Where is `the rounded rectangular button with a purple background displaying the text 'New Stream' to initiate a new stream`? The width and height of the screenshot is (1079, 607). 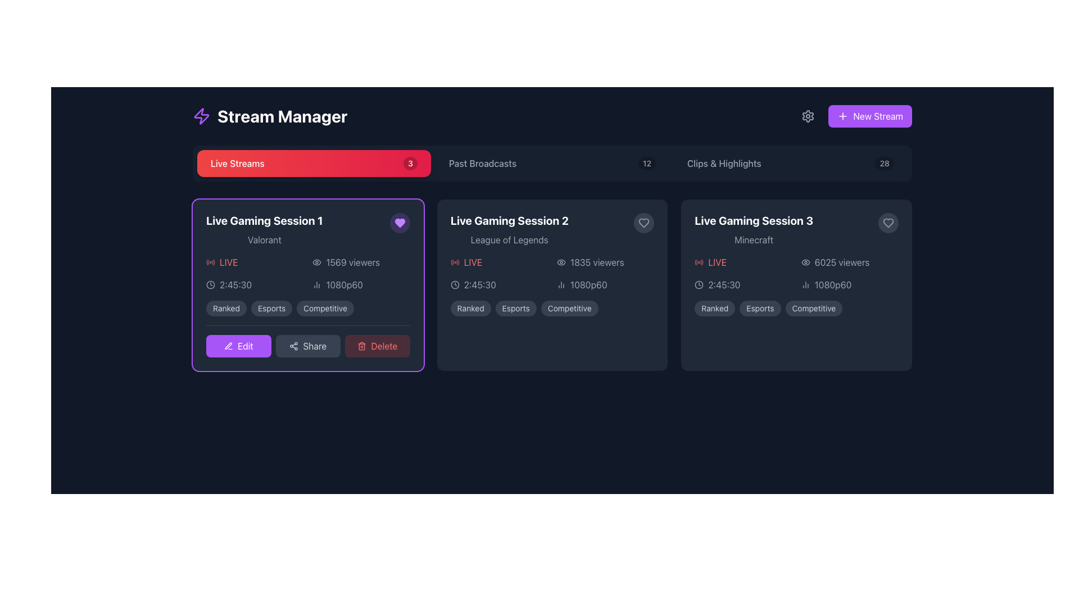 the rounded rectangular button with a purple background displaying the text 'New Stream' to initiate a new stream is located at coordinates (854, 116).